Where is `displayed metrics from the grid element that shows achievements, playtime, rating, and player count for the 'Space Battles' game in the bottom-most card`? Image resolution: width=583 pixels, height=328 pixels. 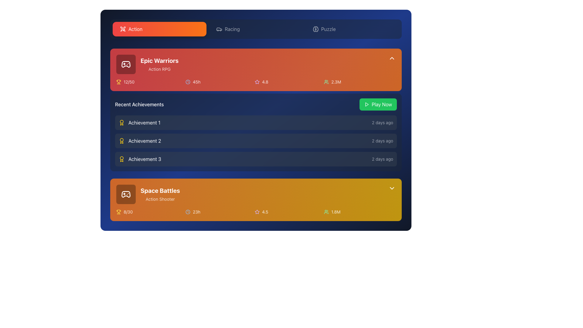 displayed metrics from the grid element that shows achievements, playtime, rating, and player count for the 'Space Battles' game in the bottom-most card is located at coordinates (252, 212).